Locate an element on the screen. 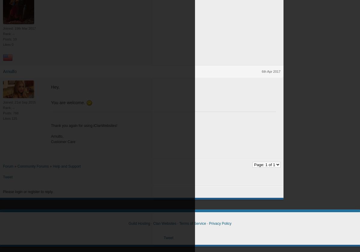 Image resolution: width=360 pixels, height=252 pixels. 'Forum' is located at coordinates (8, 166).